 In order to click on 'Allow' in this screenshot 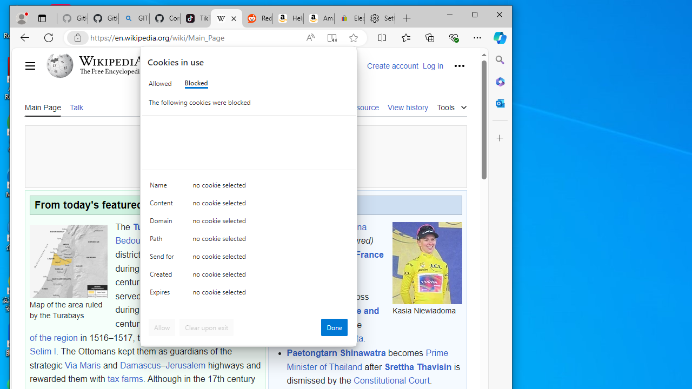, I will do `click(162, 326)`.